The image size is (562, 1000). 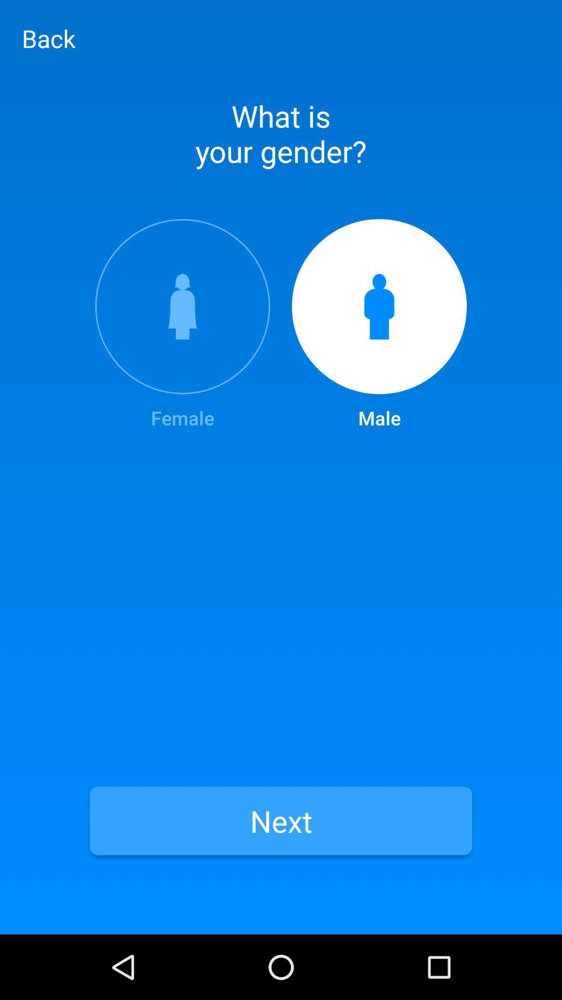 What do you see at coordinates (48, 38) in the screenshot?
I see `item above what is your item` at bounding box center [48, 38].